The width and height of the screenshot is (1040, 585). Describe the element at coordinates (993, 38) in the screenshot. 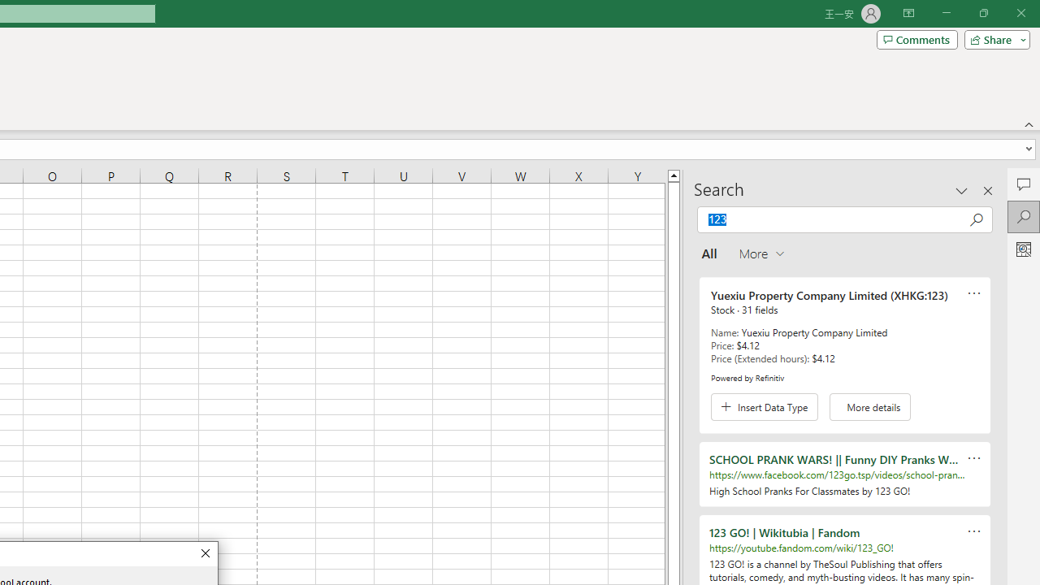

I see `'Share'` at that location.